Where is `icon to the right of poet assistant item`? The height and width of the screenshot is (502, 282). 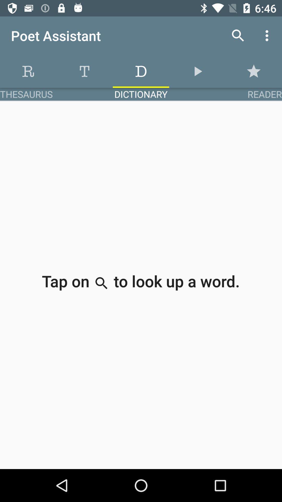
icon to the right of poet assistant item is located at coordinates (238, 35).